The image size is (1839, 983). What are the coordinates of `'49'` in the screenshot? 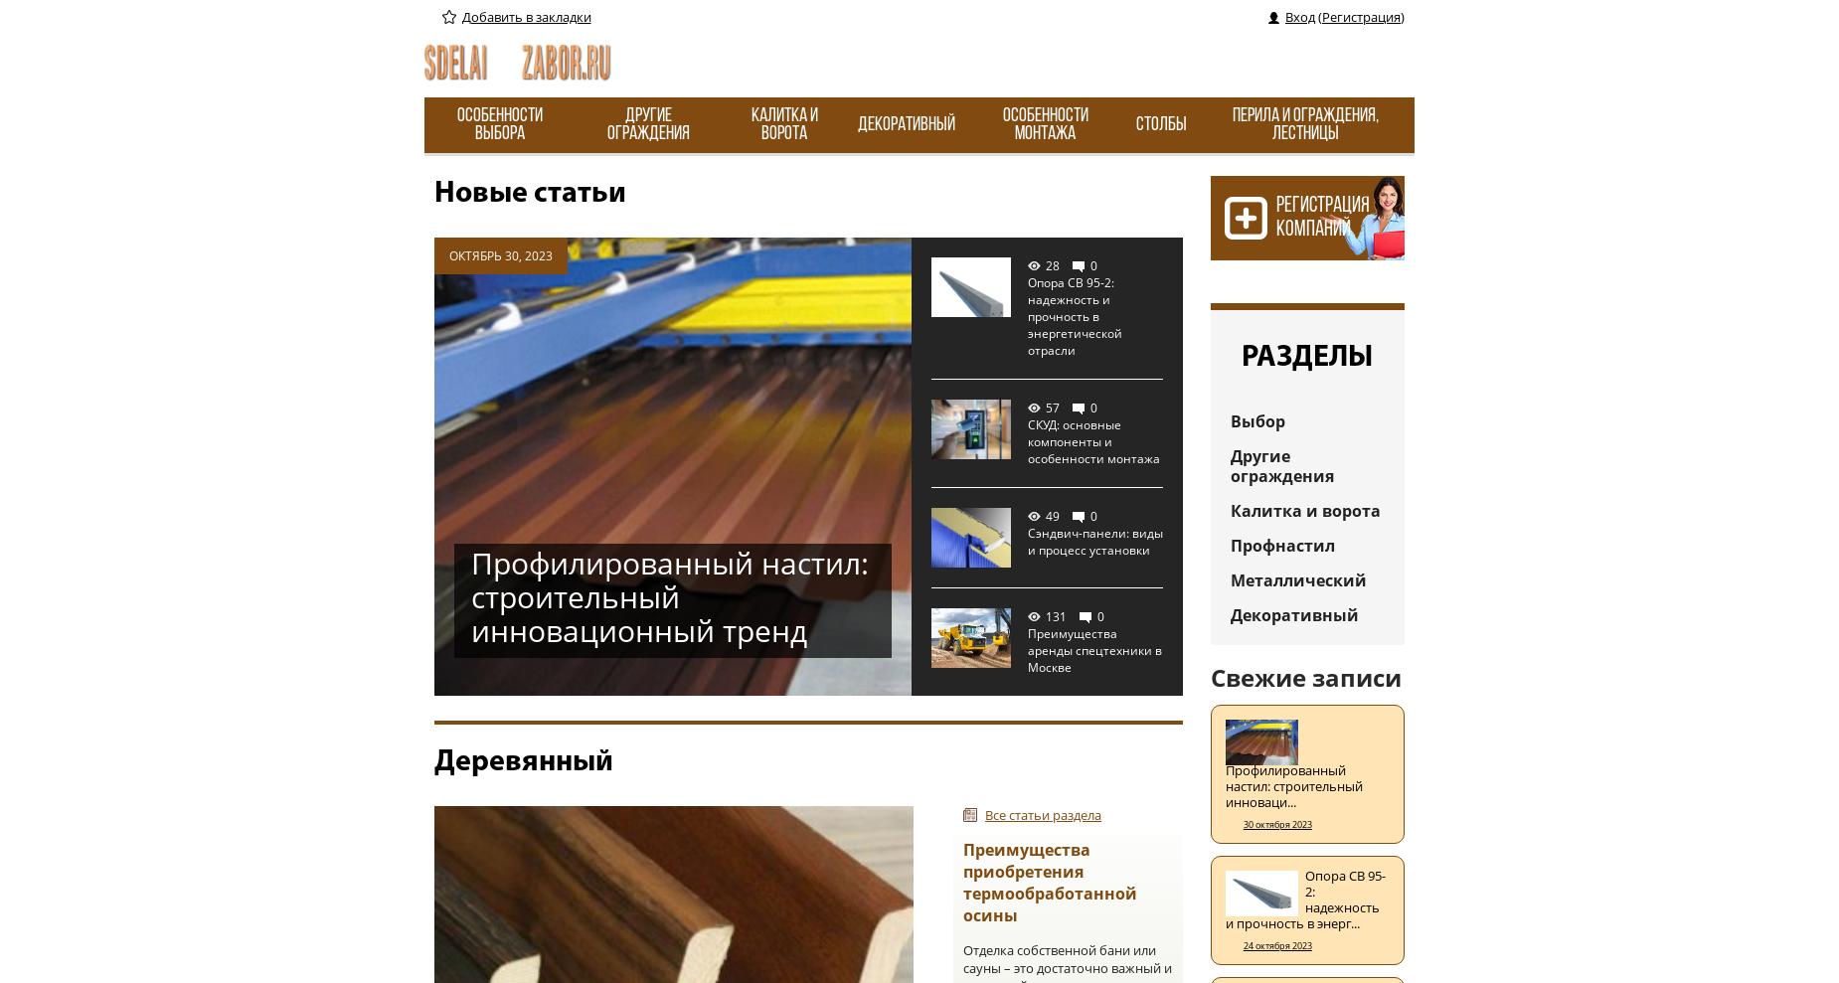 It's located at (1051, 516).